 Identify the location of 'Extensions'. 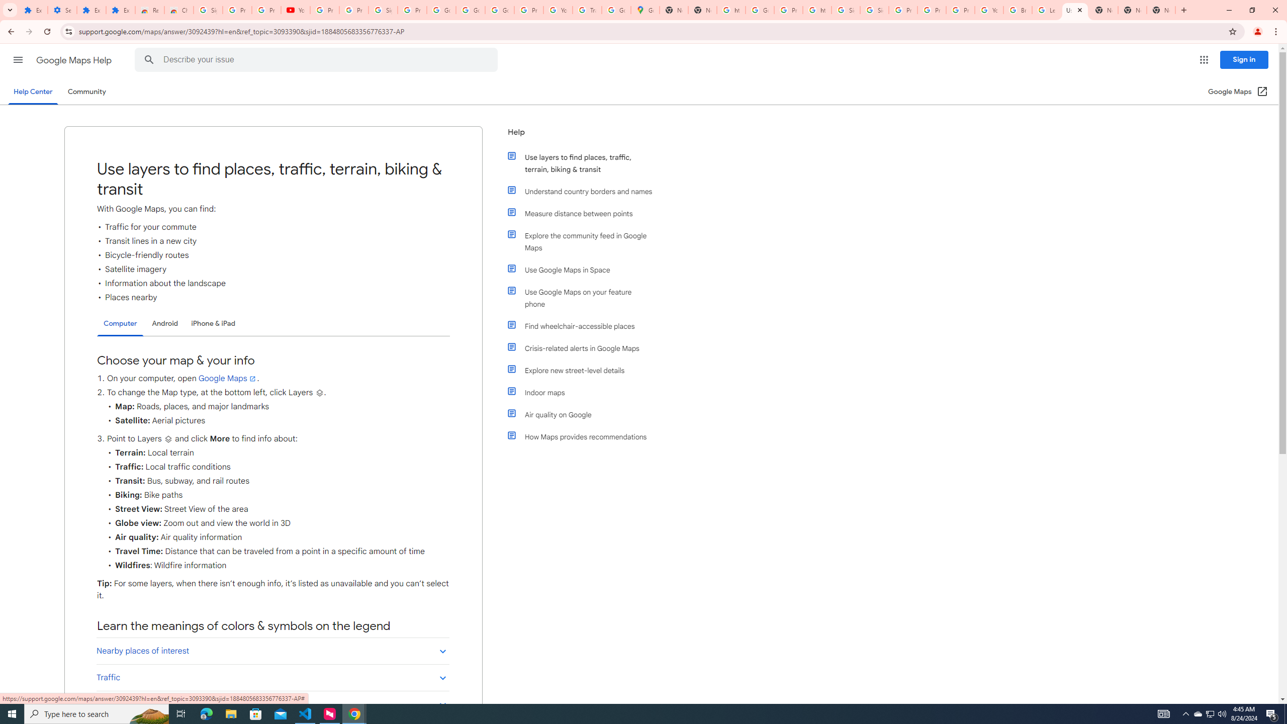
(33, 10).